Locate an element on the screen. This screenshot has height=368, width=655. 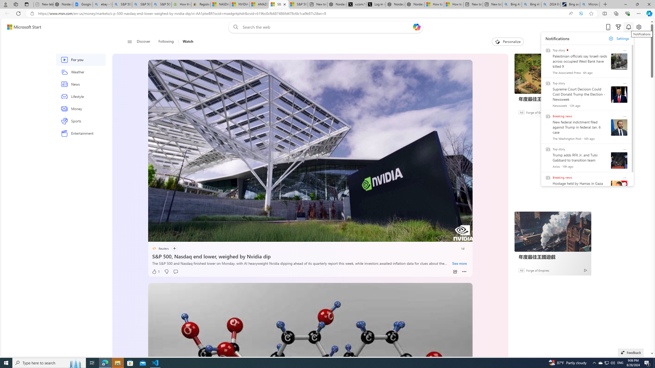
'Bing search market share worldwide 2024 | Statista' is located at coordinates (570, 4).